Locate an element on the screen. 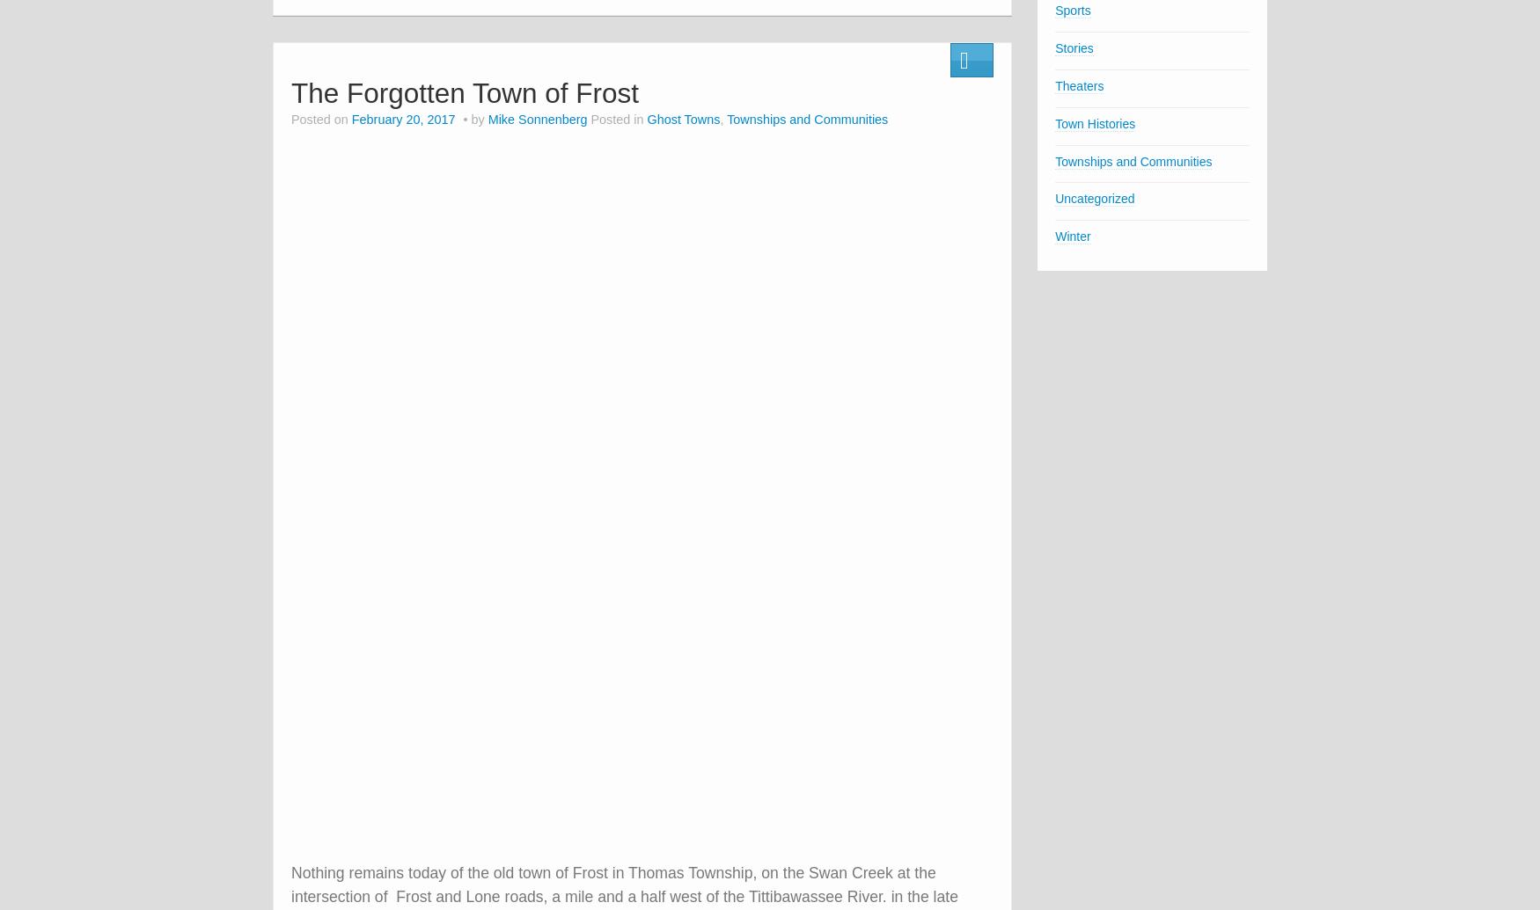 Image resolution: width=1540 pixels, height=910 pixels. 'by' is located at coordinates (476, 119).